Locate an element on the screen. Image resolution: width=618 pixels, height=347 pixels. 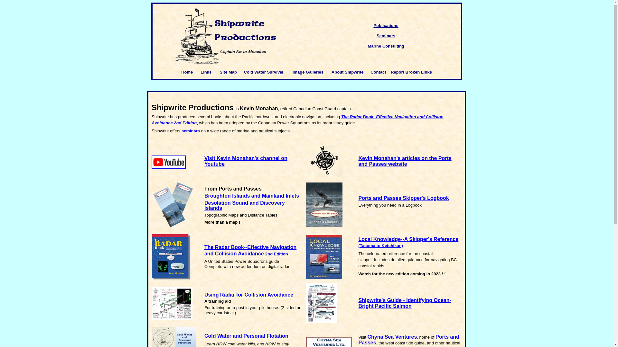
'About Shipwrite' is located at coordinates (347, 72).